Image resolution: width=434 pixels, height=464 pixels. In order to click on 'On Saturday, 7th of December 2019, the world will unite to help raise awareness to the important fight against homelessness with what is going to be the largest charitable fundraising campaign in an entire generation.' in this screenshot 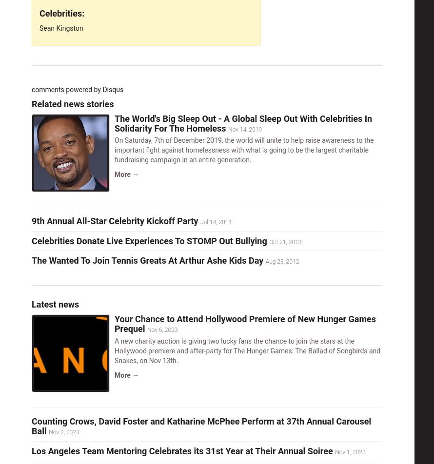, I will do `click(244, 150)`.